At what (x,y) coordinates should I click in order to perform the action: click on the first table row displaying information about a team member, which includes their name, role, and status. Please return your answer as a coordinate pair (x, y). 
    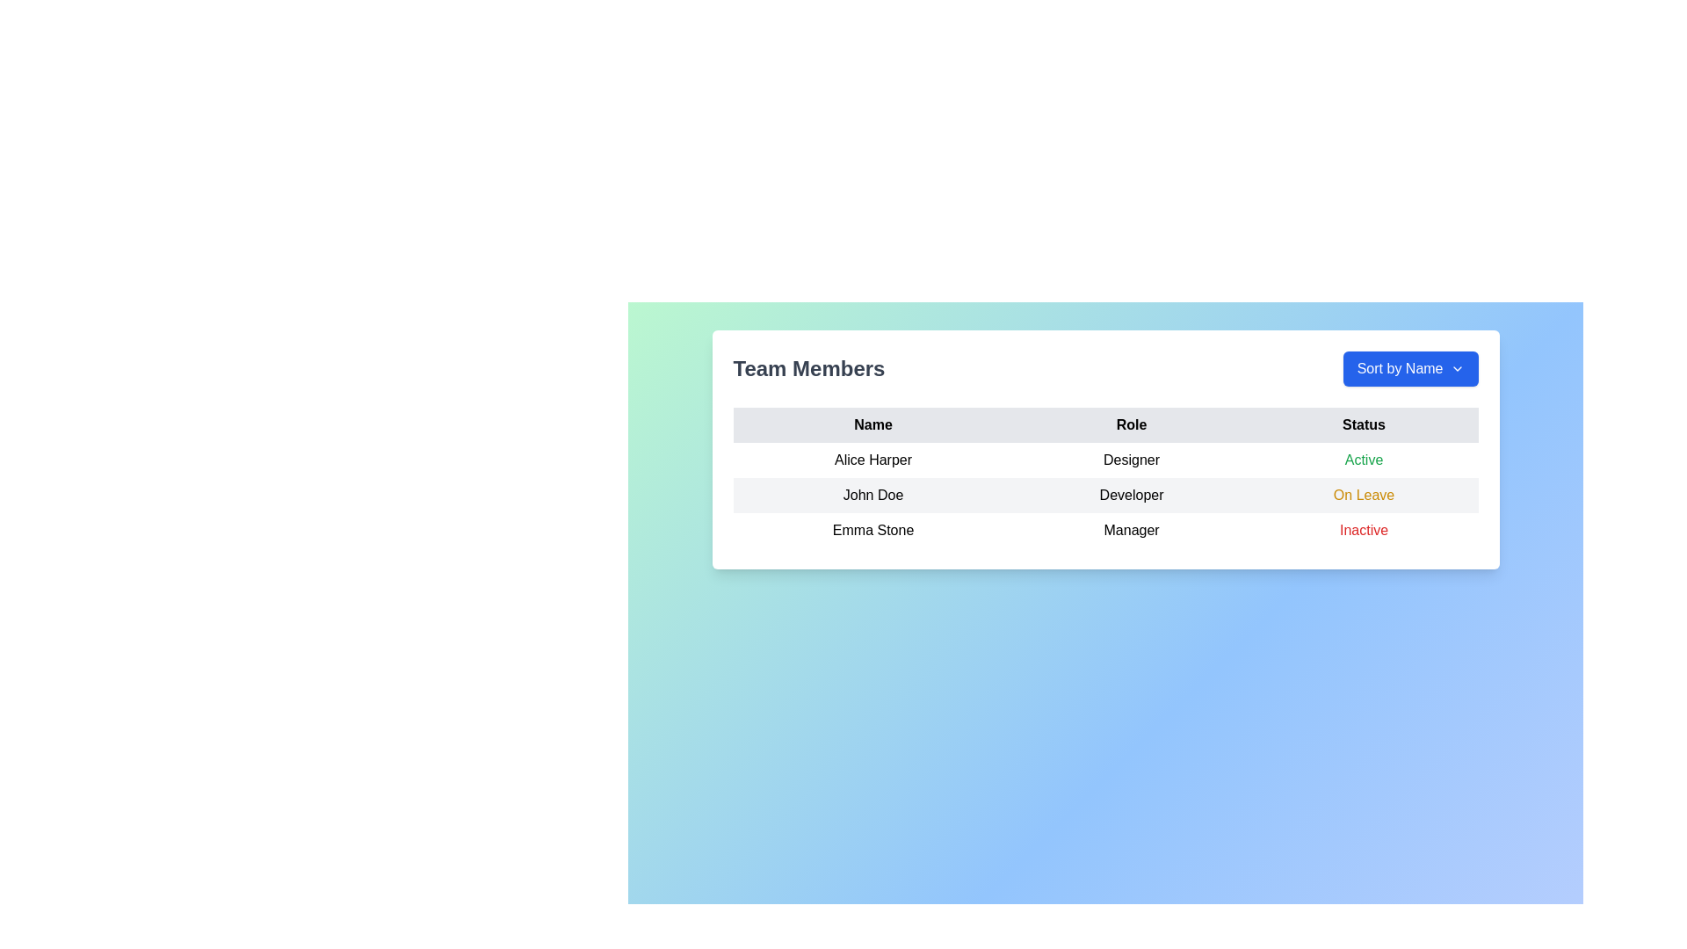
    Looking at the image, I should click on (1104, 449).